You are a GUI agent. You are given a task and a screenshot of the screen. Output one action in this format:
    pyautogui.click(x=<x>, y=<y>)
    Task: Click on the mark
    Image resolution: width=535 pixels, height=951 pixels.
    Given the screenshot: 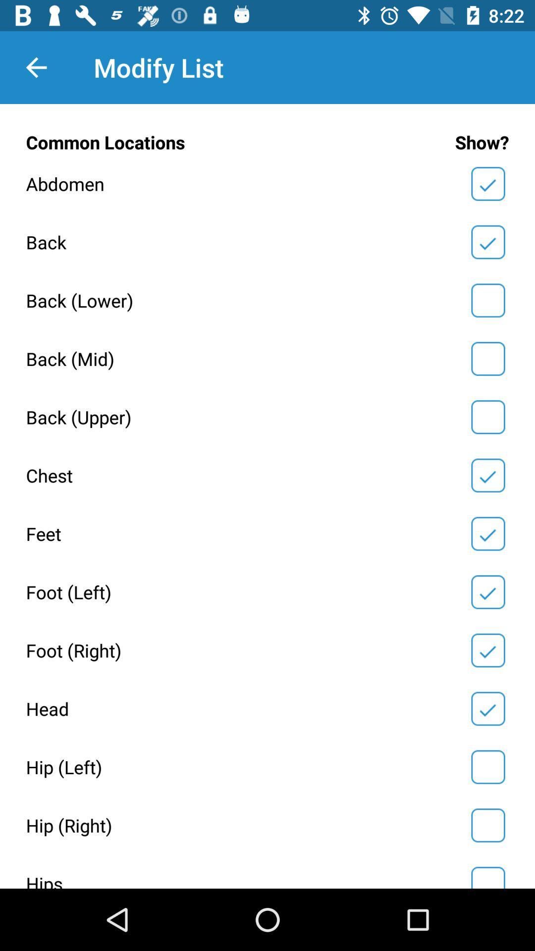 What is the action you would take?
    pyautogui.click(x=487, y=417)
    